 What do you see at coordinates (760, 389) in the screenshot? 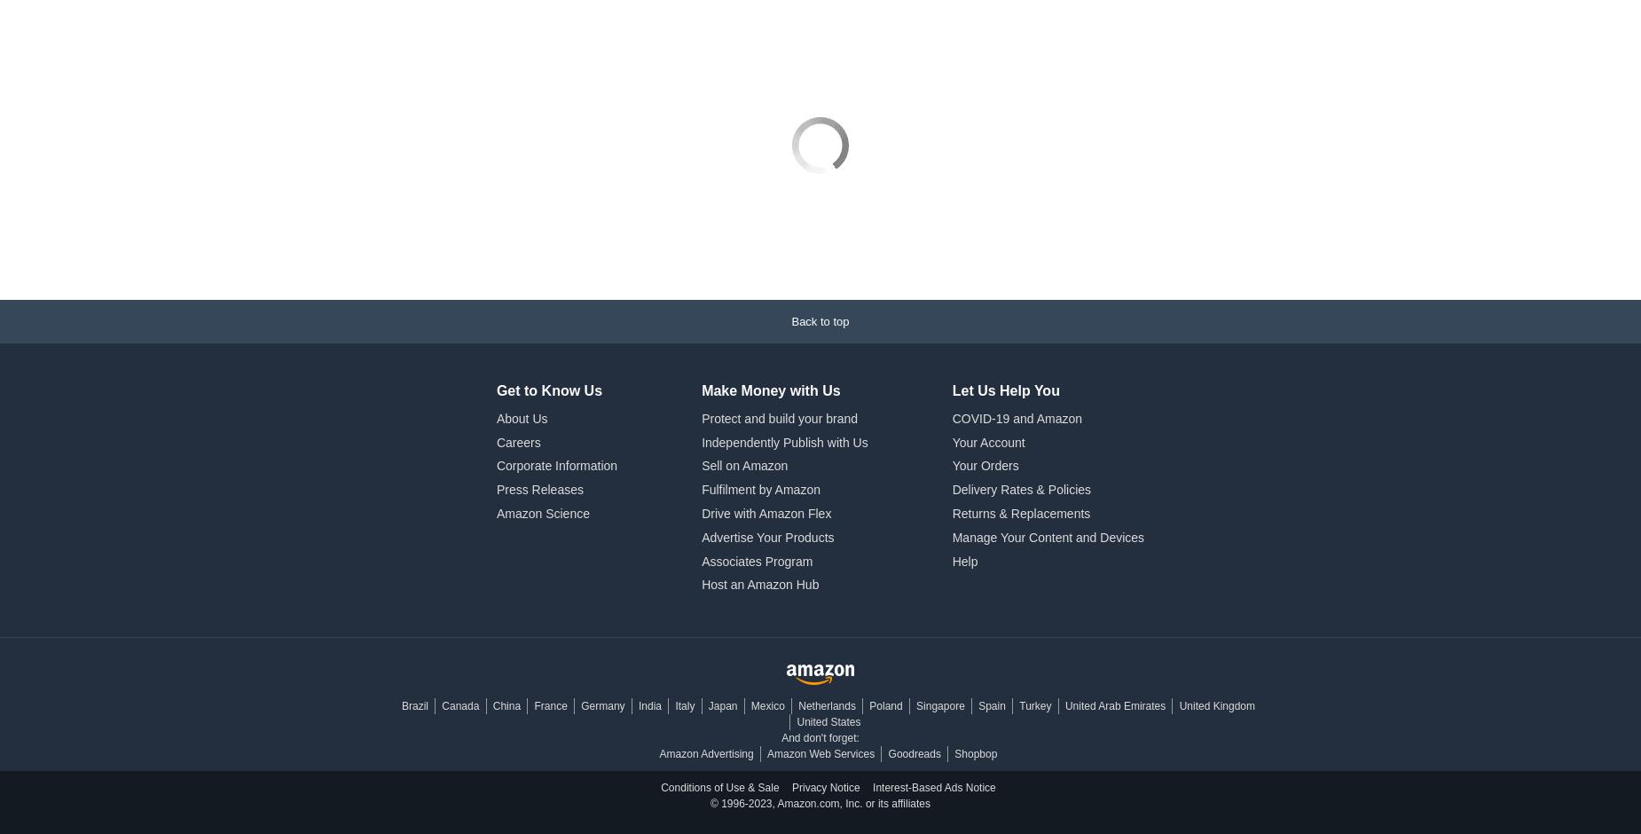
I see `'Fulfilment by Amazon'` at bounding box center [760, 389].